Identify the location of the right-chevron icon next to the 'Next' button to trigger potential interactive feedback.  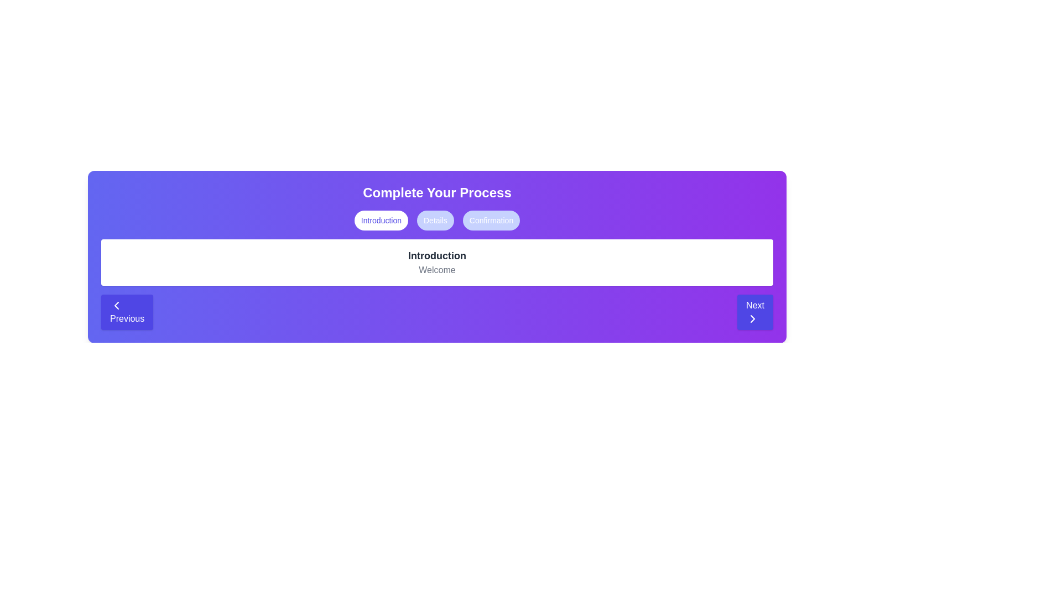
(752, 319).